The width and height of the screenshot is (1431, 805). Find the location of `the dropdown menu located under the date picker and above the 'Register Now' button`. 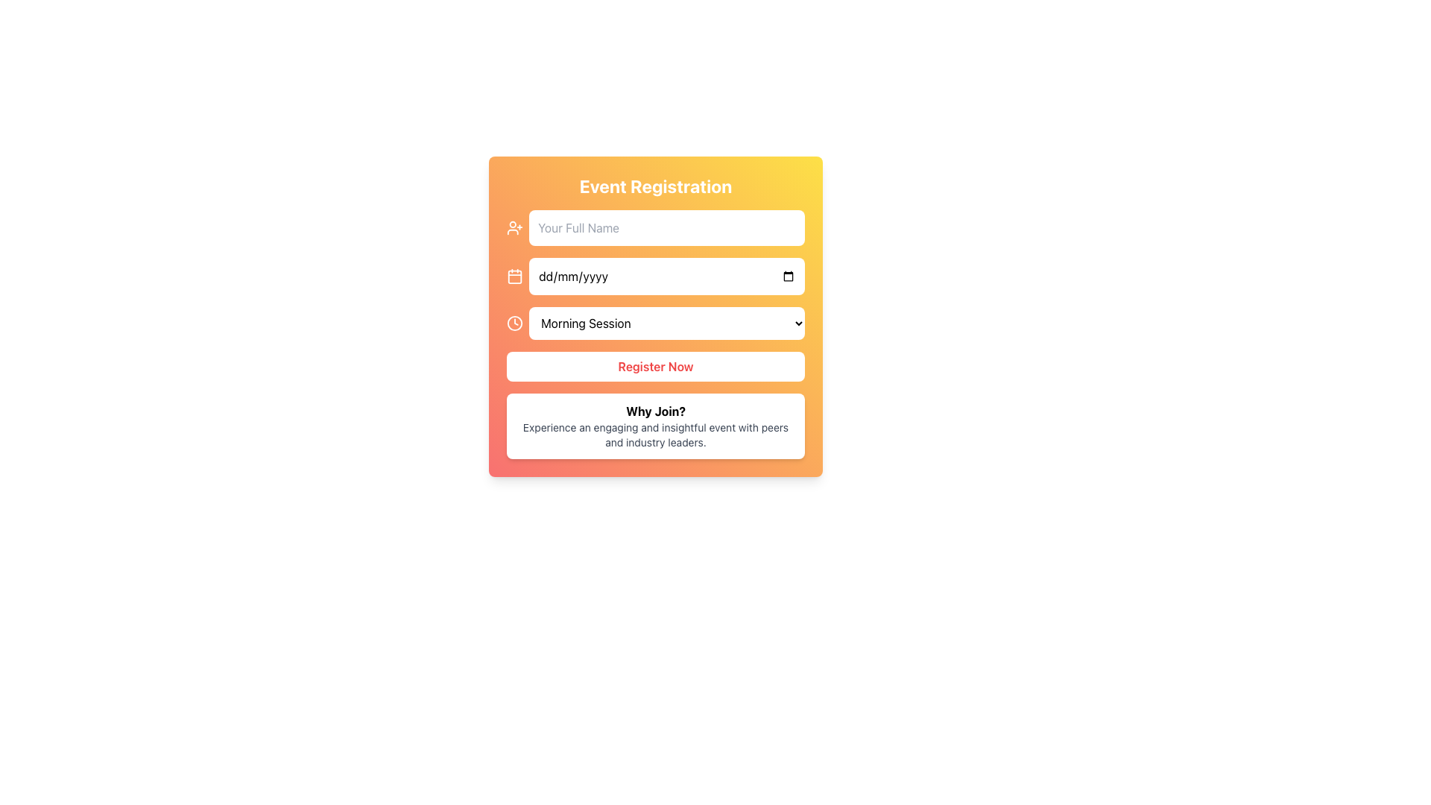

the dropdown menu located under the date picker and above the 'Register Now' button is located at coordinates (655, 323).